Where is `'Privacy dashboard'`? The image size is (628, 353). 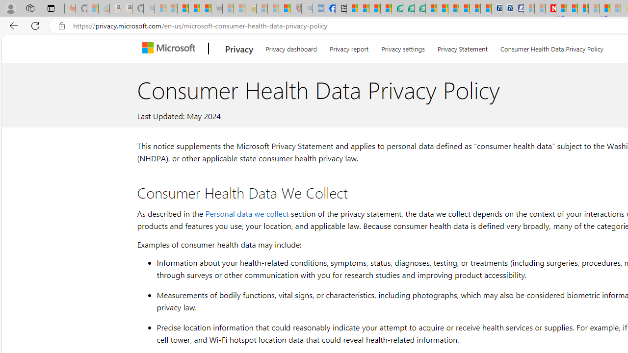
'Privacy dashboard' is located at coordinates (290, 47).